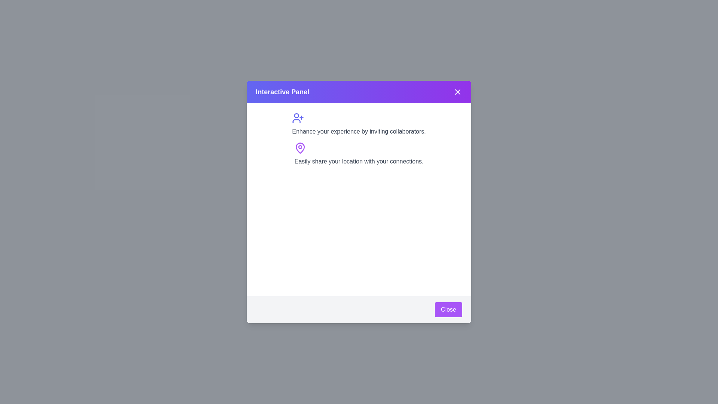  Describe the element at coordinates (296, 116) in the screenshot. I see `the circular SVG element that is part of the 'user-plus' icon, located near the user avatar icon with a plus sign overlay` at that location.